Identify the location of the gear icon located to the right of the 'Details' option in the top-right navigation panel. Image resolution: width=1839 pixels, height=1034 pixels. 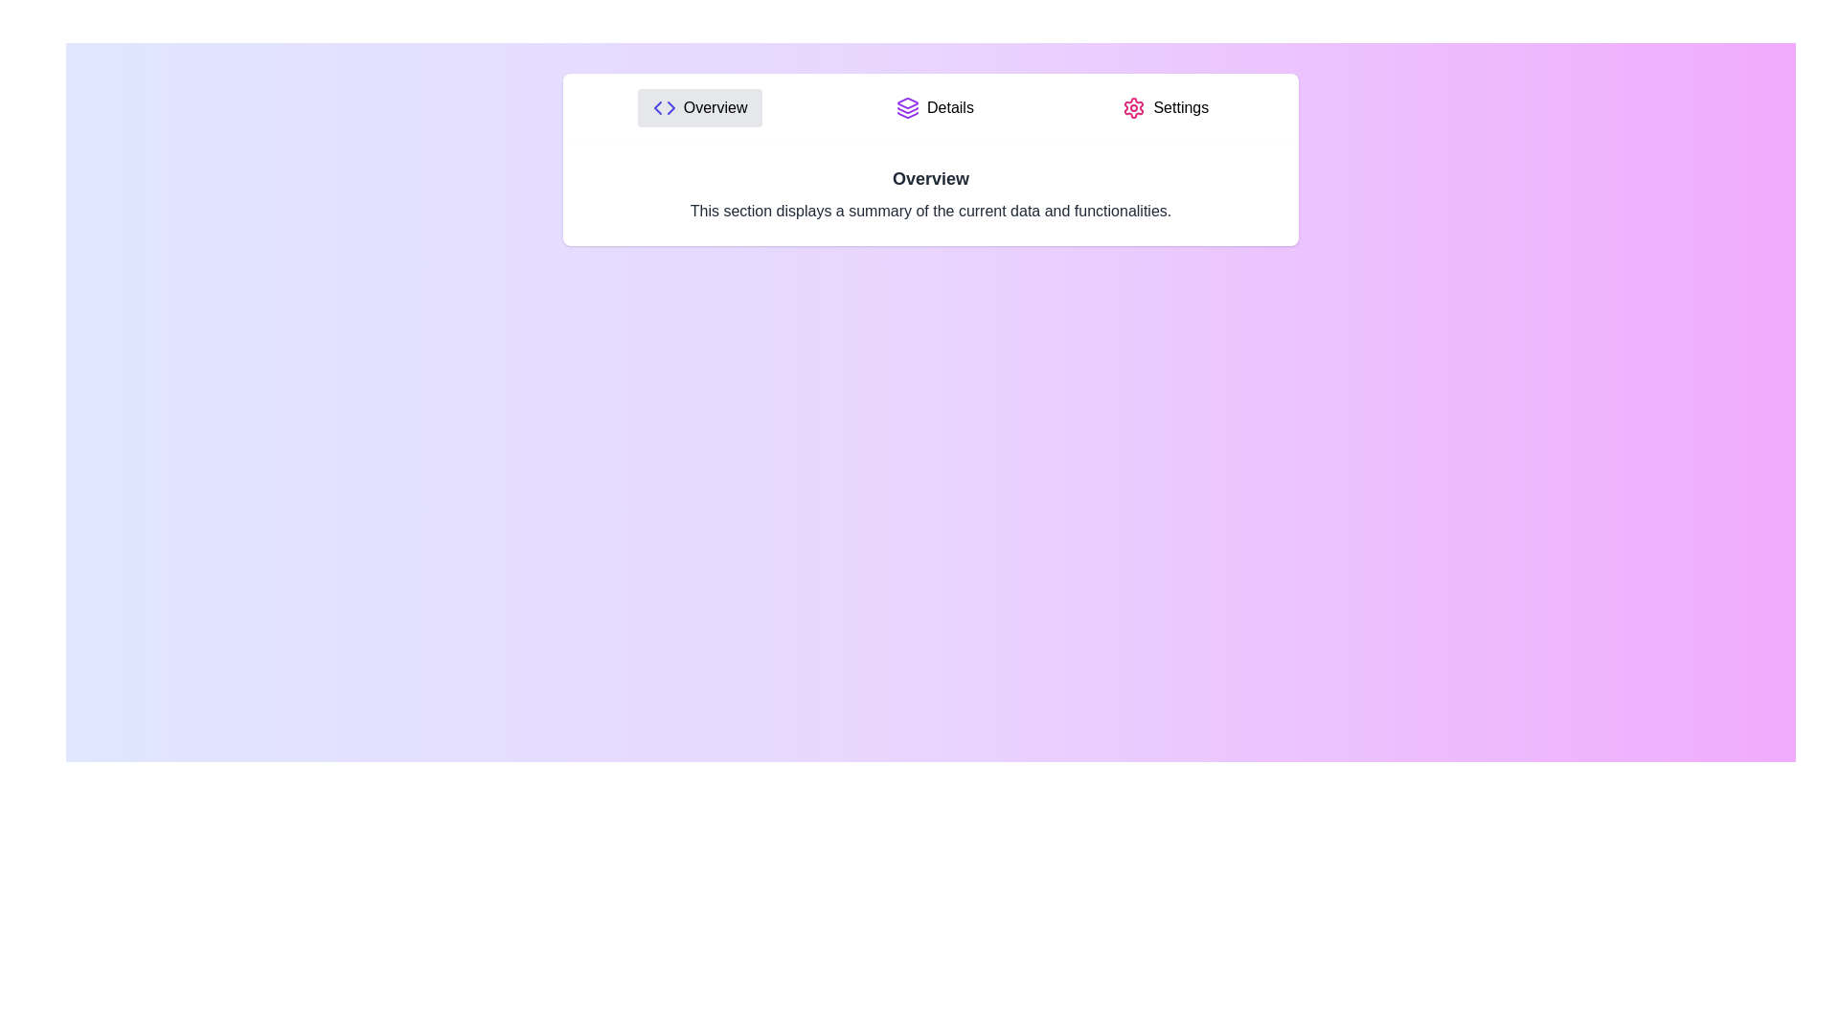
(1134, 107).